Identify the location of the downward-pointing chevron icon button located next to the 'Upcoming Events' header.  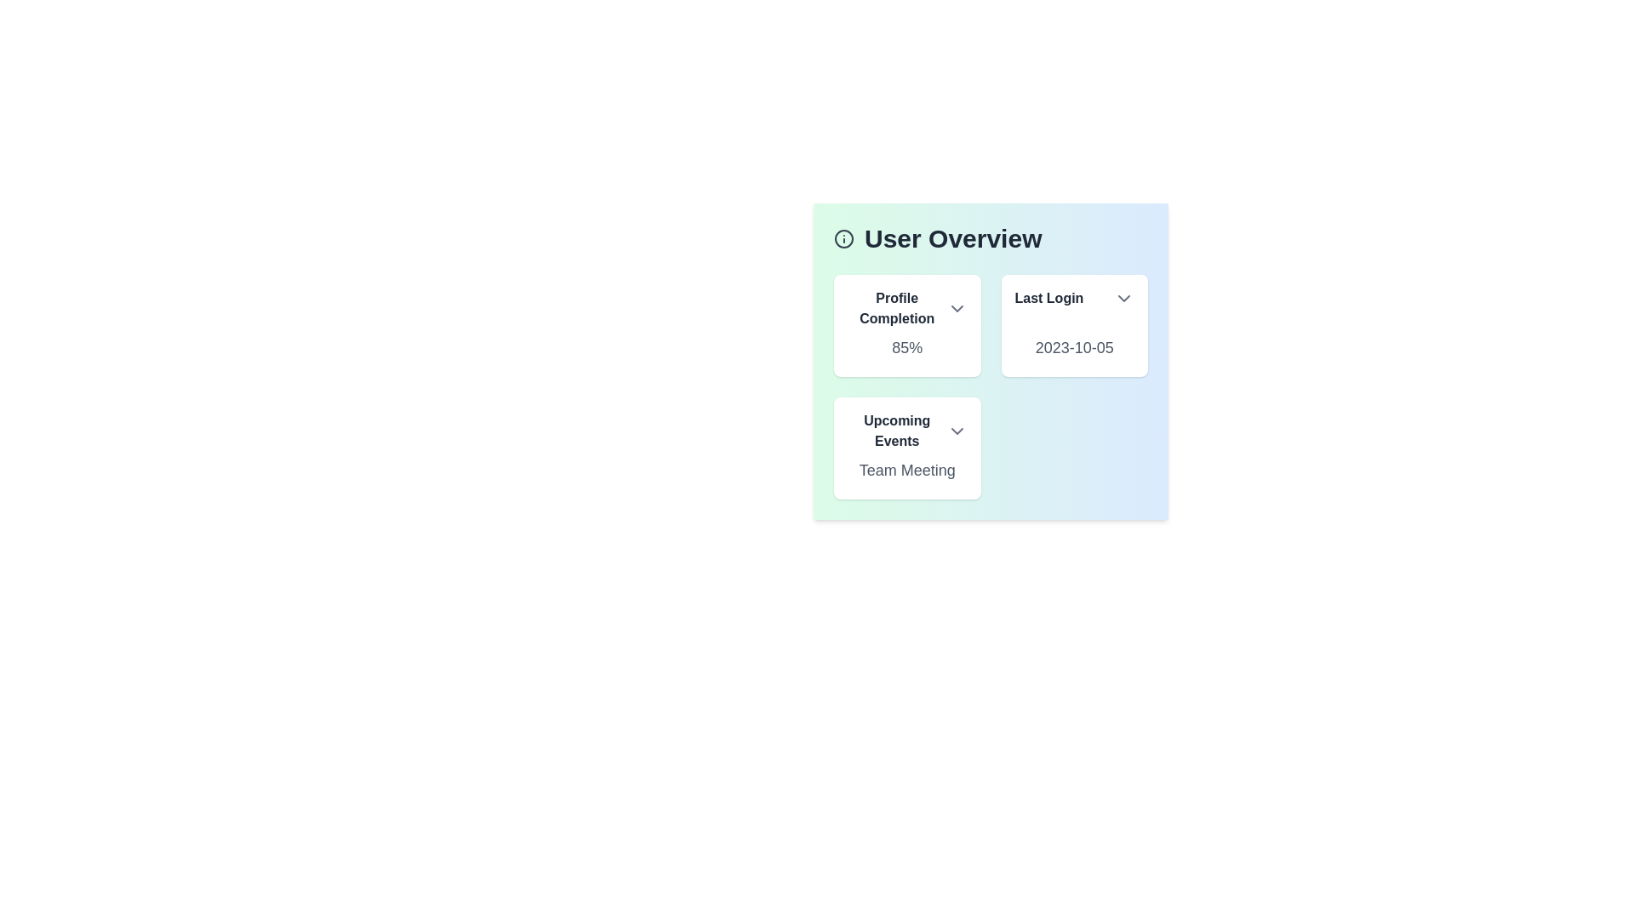
(957, 430).